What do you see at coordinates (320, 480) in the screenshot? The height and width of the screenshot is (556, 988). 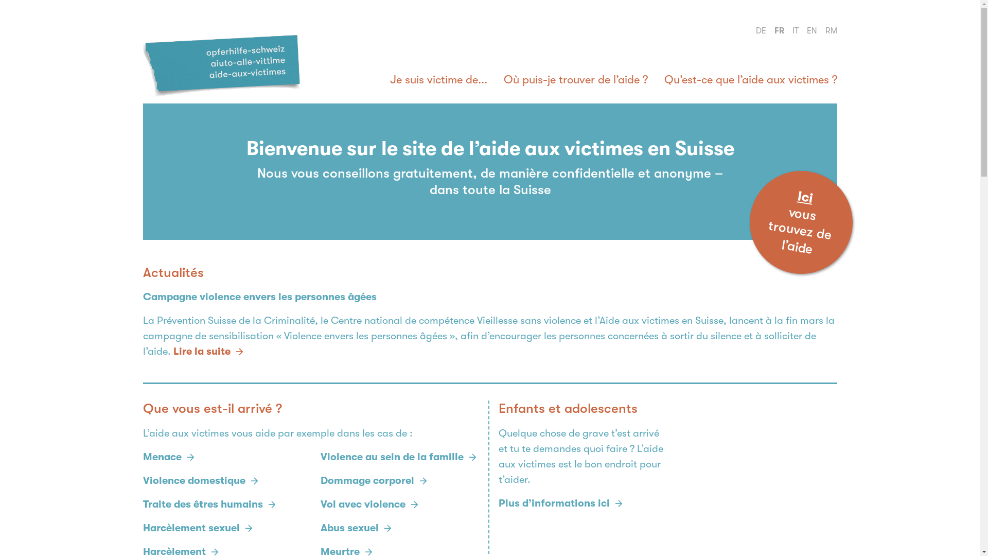 I see `'Dommage corporel'` at bounding box center [320, 480].